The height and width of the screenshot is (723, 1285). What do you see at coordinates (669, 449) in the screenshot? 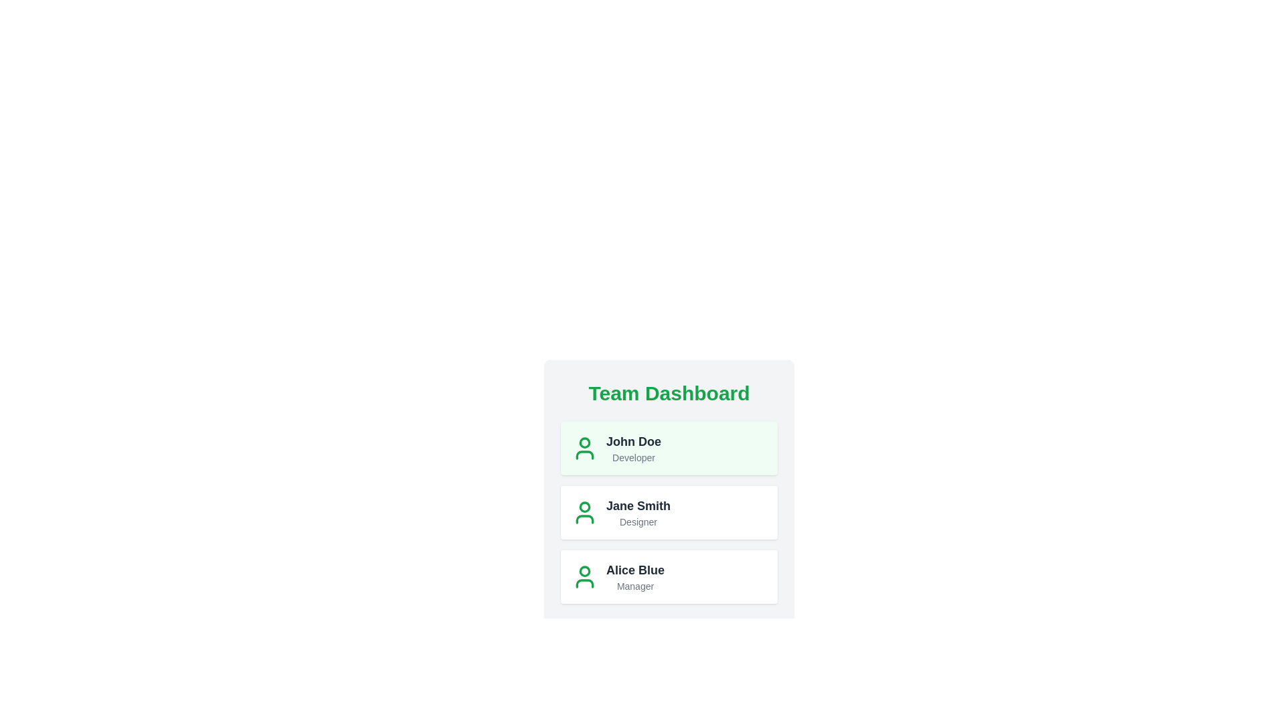
I see `the first card in the list with a light green background that displays the name 'John Doe' and the subtitle 'Developer' to trigger hover effects` at bounding box center [669, 449].